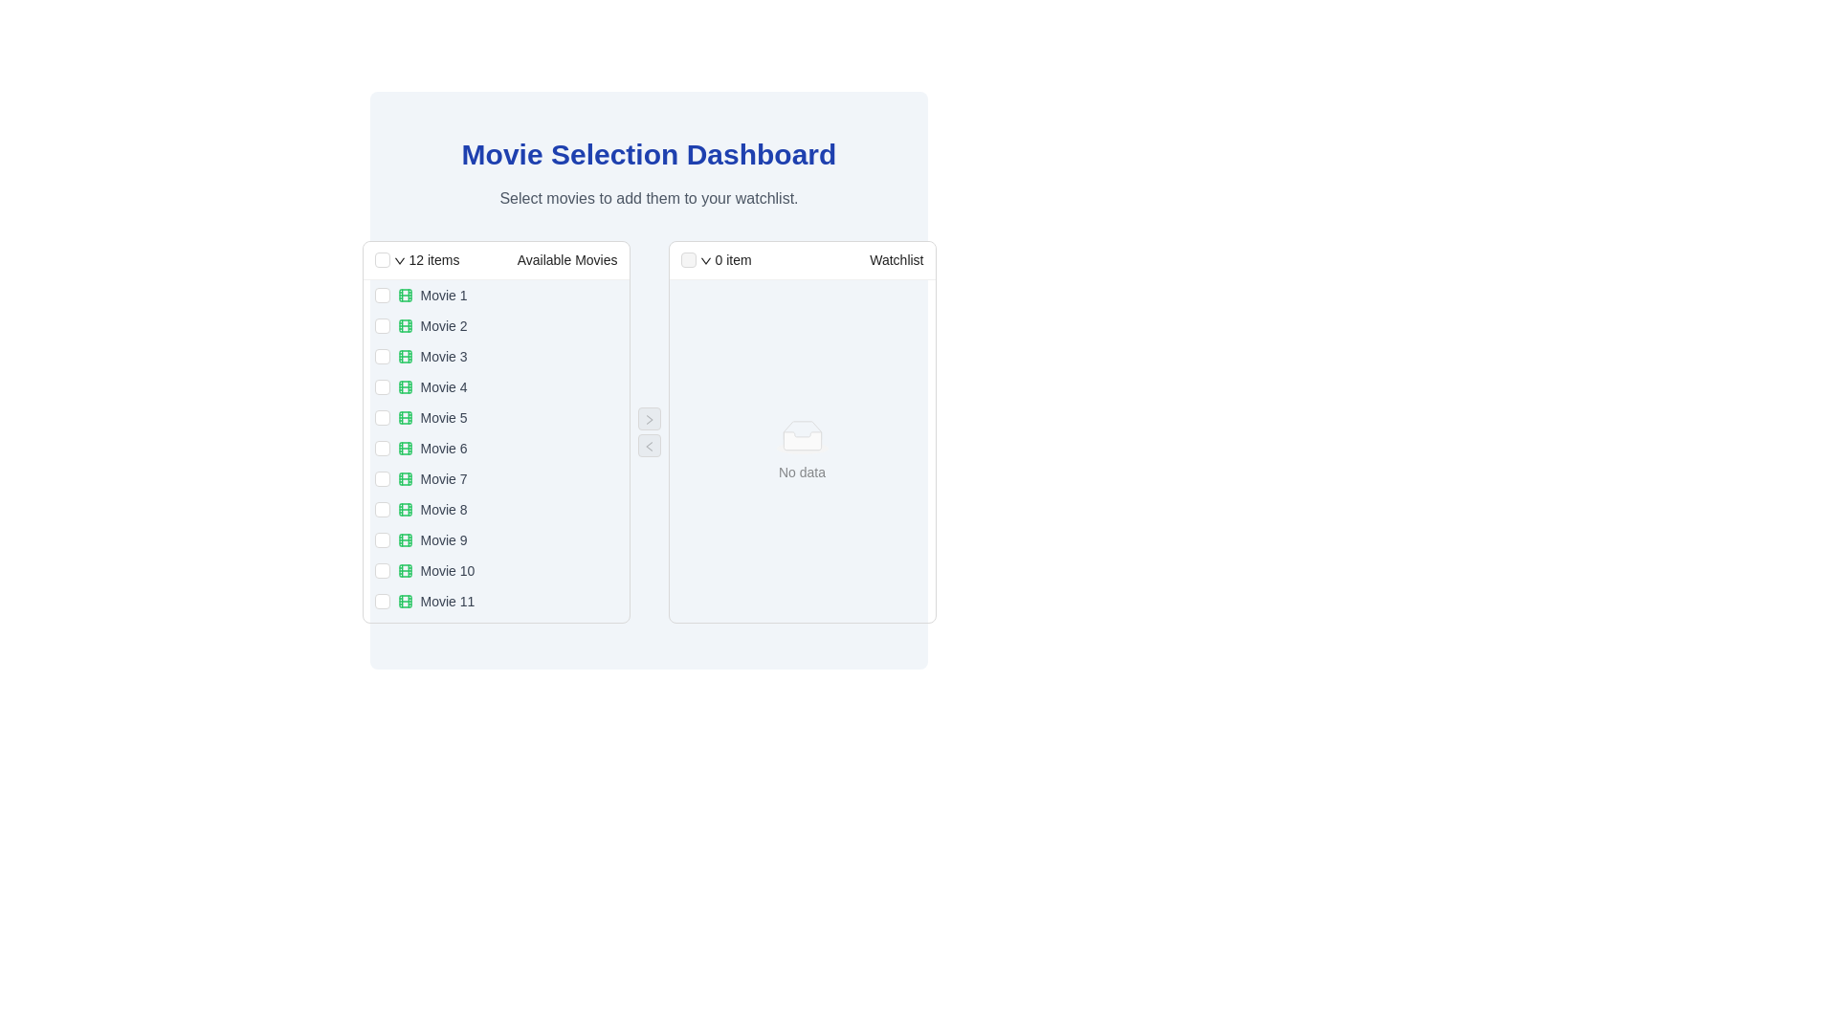  I want to click on the Decorative icon element, which is a small rectangle with rounded corners located within the movie-related icon styled in green, specifically associated with 'Movie 3' in the 'Available Movies' section, so click(404, 357).